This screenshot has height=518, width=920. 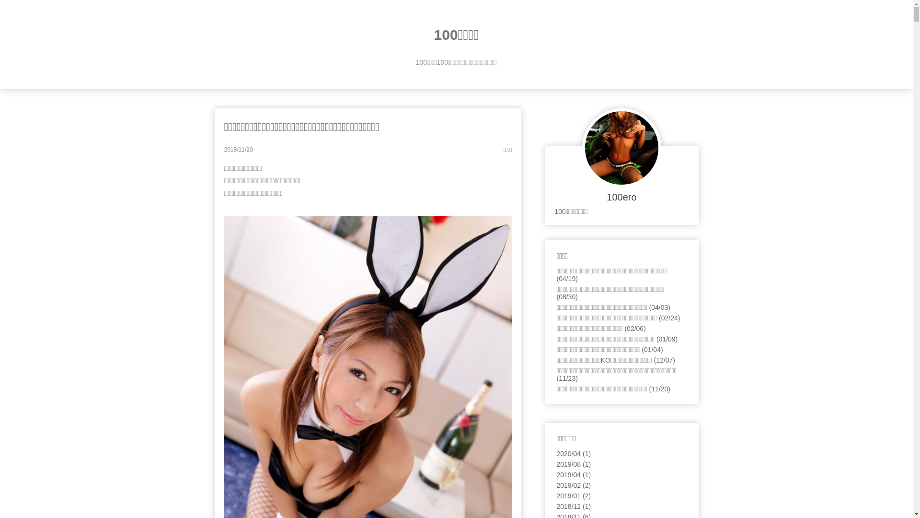 What do you see at coordinates (574, 495) in the screenshot?
I see `'2019/01 (2)'` at bounding box center [574, 495].